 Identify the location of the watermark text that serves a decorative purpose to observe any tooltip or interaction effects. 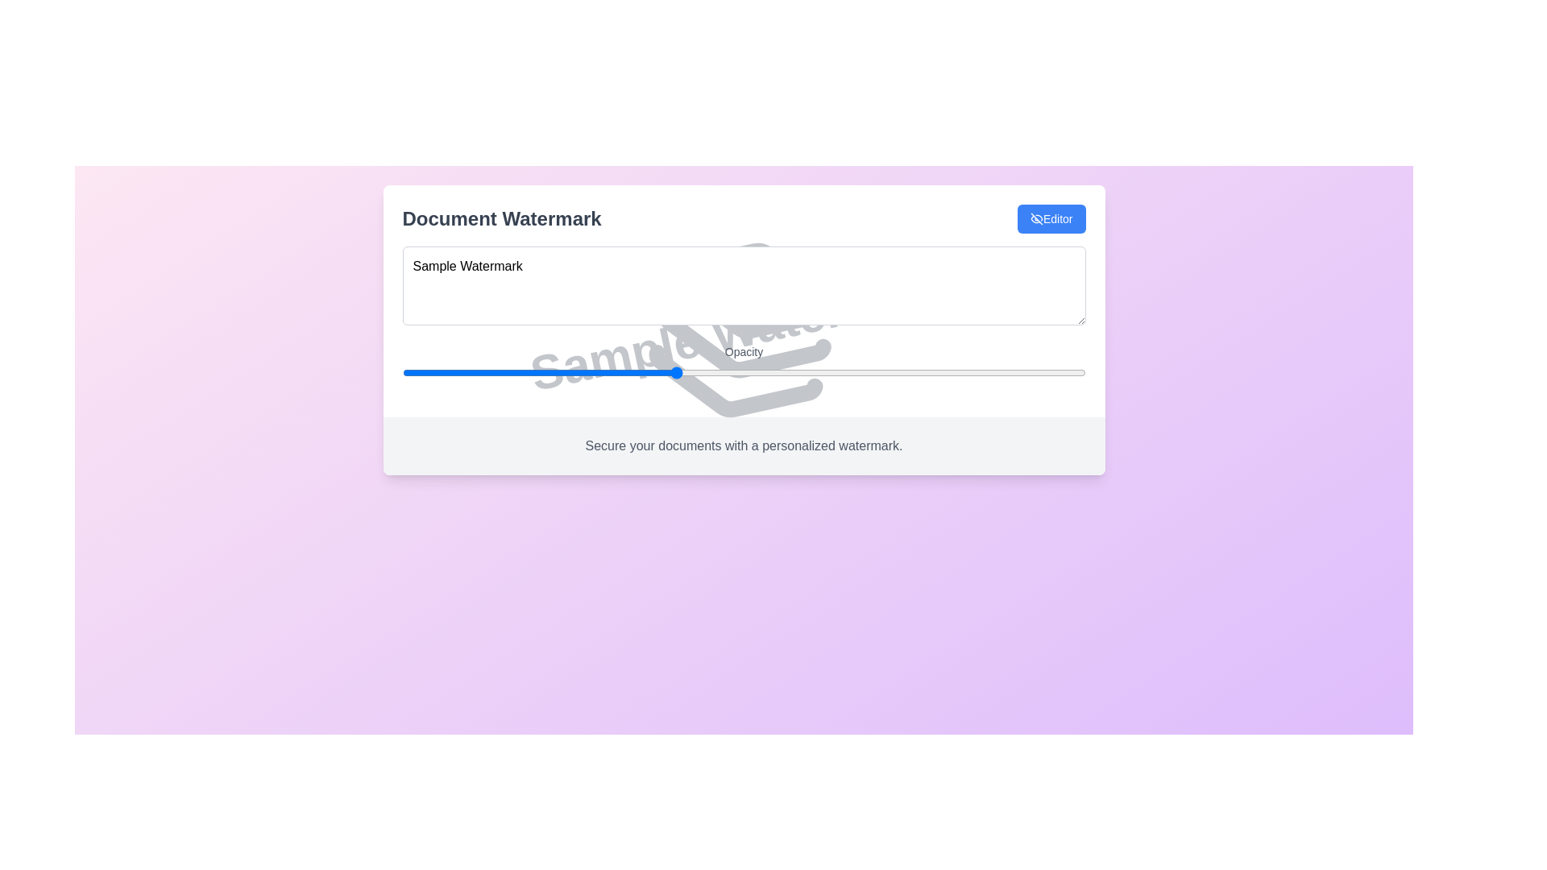
(743, 329).